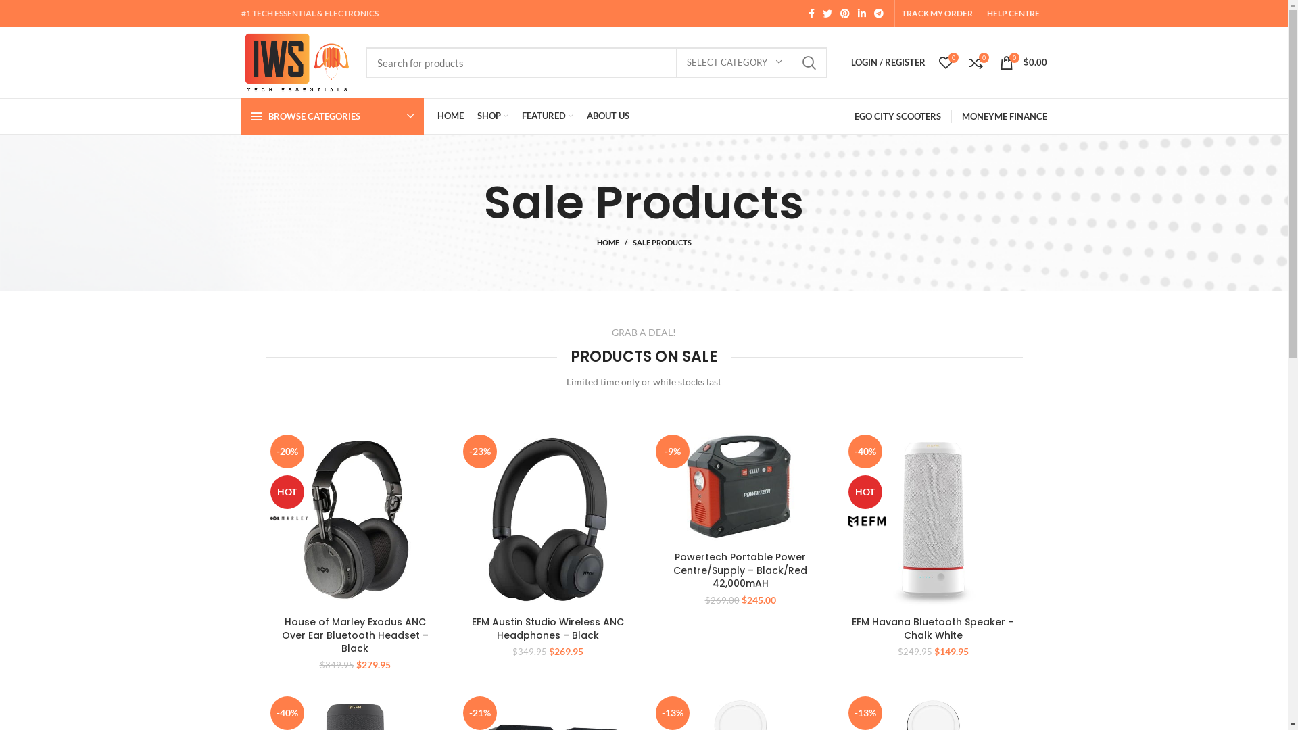 The height and width of the screenshot is (730, 1298). What do you see at coordinates (548, 116) in the screenshot?
I see `'FEATURED'` at bounding box center [548, 116].